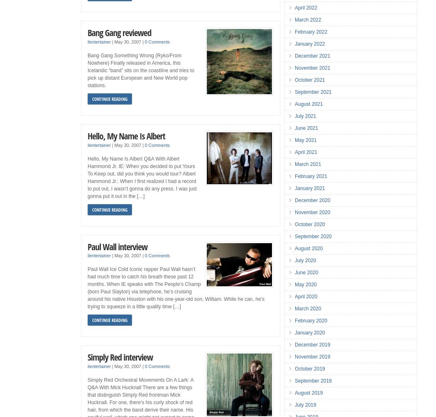 The image size is (436, 417). I want to click on 'September 2021', so click(313, 92).